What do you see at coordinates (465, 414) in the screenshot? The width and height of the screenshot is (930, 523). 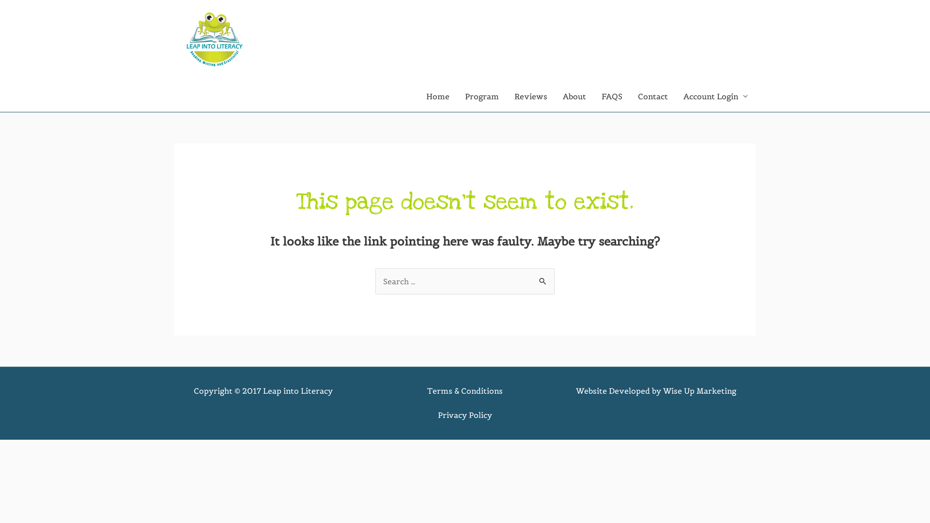 I see `'Privacy Policy'` at bounding box center [465, 414].